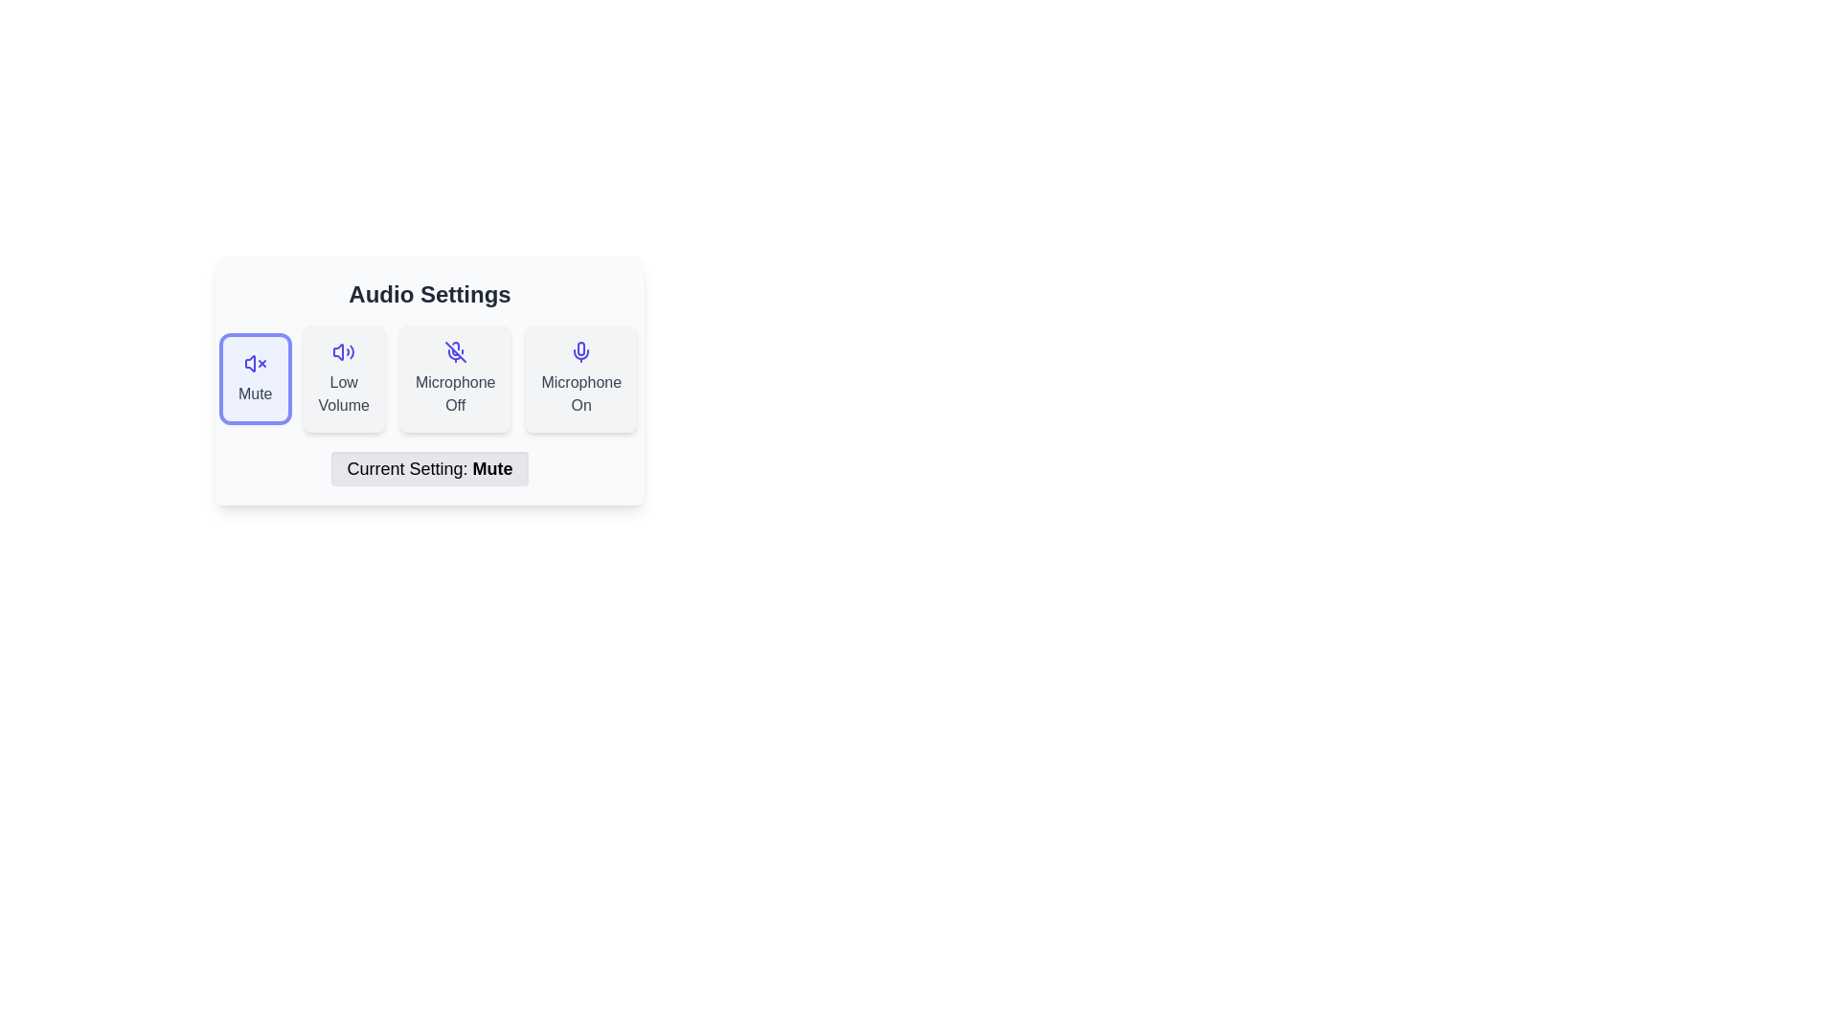  What do you see at coordinates (429, 468) in the screenshot?
I see `the Label indicating that the mute option is active, which is located in the 'Audio Settings' section of the application interface` at bounding box center [429, 468].